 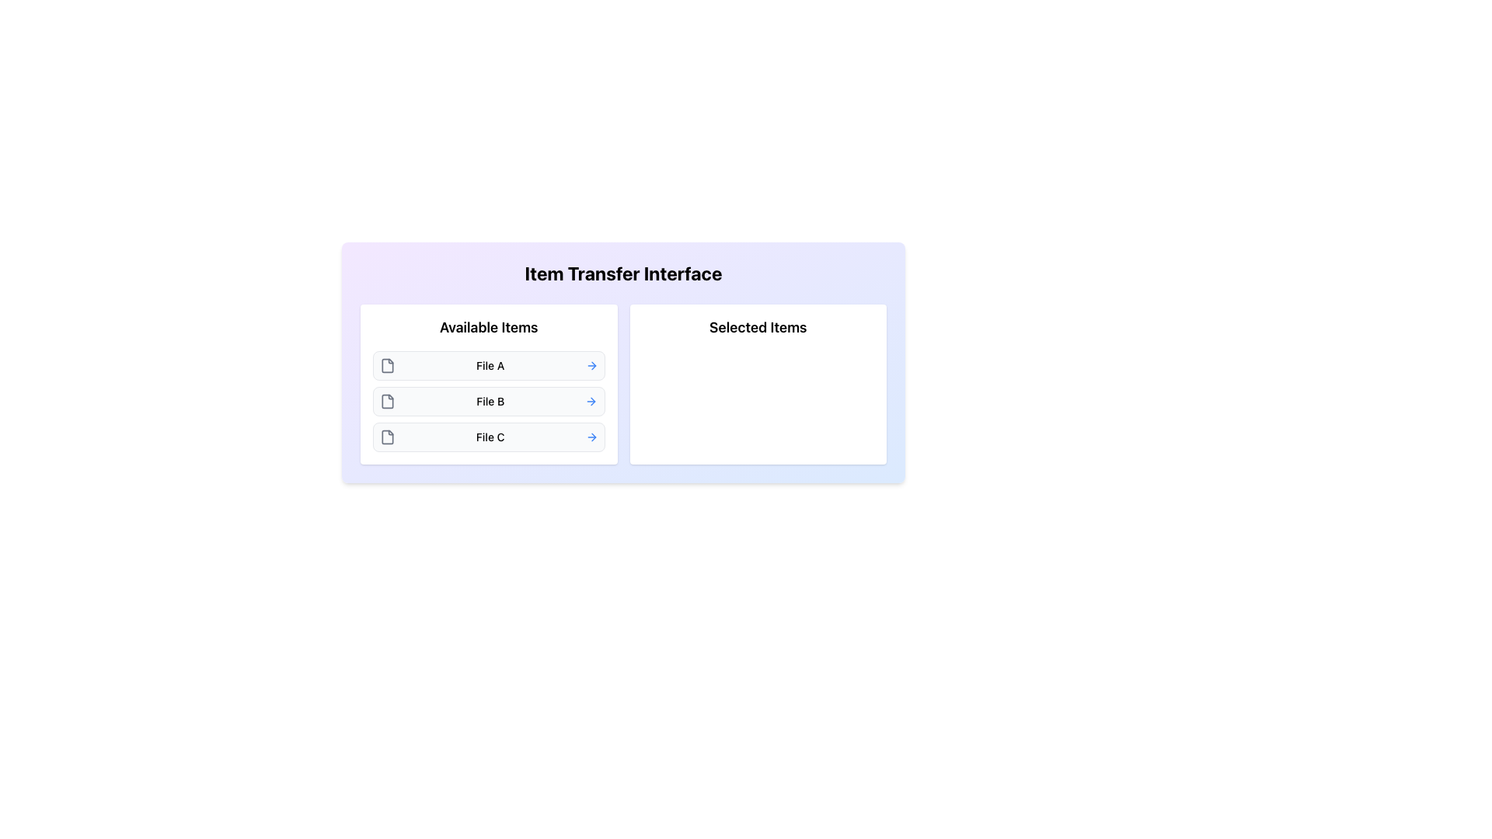 I want to click on text label 'File A' which is centered in the second row of the 'Available Items' list, styled in black medium-sized sans-serif font, so click(x=490, y=365).